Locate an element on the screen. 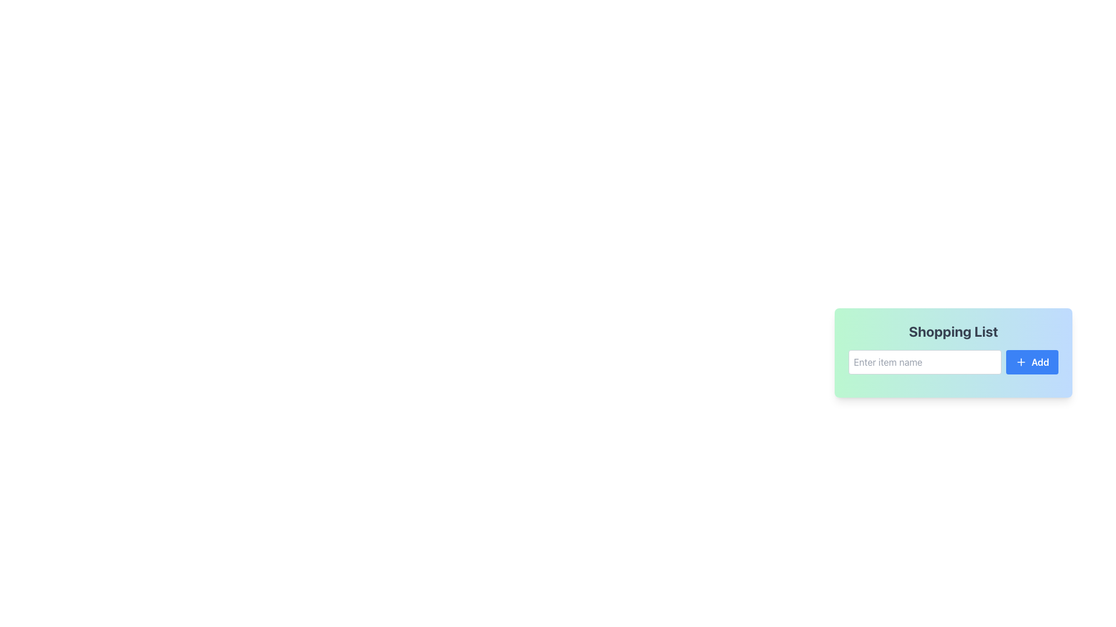 This screenshot has width=1116, height=627. and drop text into the Text input field located below the 'Shopping List' title, which is on the left side of its row adjacent is located at coordinates (953, 362).